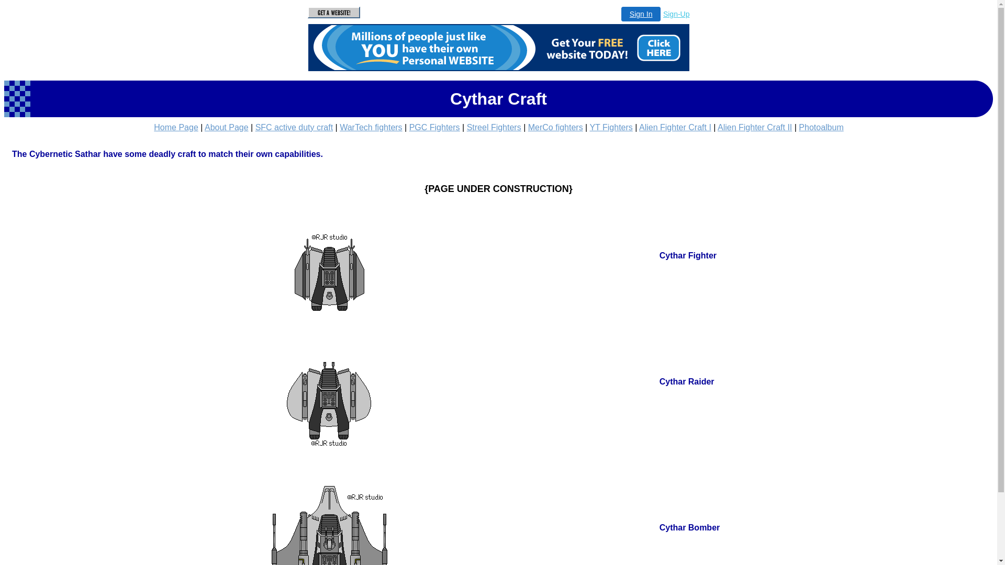  What do you see at coordinates (640, 14) in the screenshot?
I see `'Sign In'` at bounding box center [640, 14].